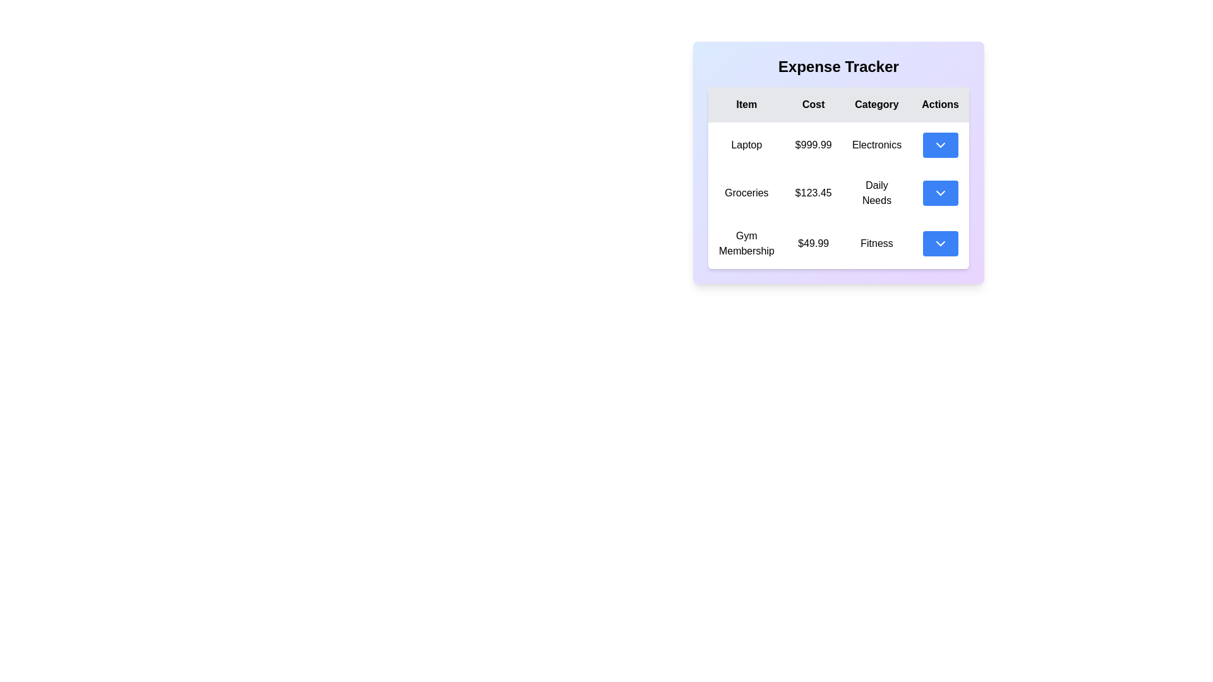 Image resolution: width=1213 pixels, height=682 pixels. Describe the element at coordinates (940, 243) in the screenshot. I see `the chevron-down icon in the last row of the table under the 'Actions' column` at that location.